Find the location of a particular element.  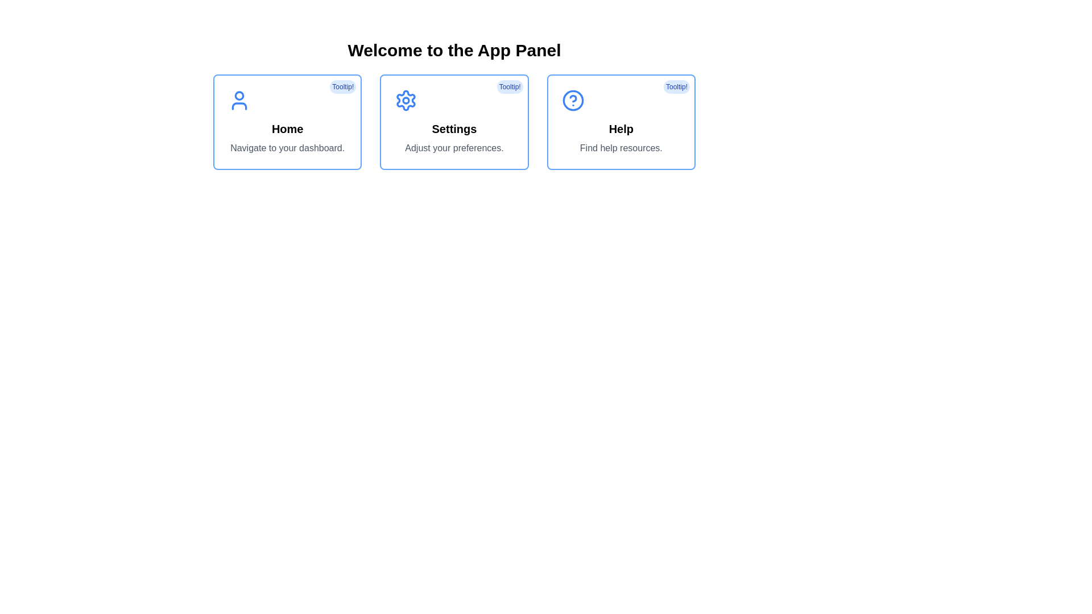

the text of the tooltip label with light blue background and 'Tooltip!' text located at the top-right corner of the 'Home' card is located at coordinates (342, 86).